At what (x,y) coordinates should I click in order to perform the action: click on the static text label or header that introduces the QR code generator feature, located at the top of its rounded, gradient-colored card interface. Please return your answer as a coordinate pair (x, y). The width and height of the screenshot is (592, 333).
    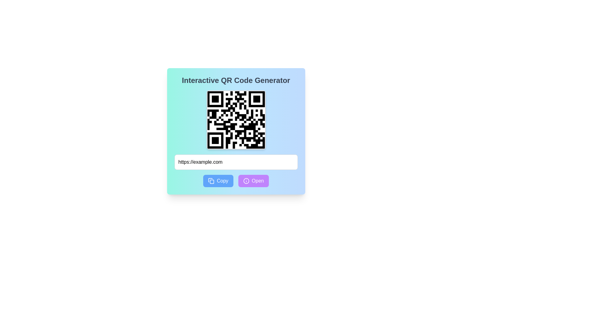
    Looking at the image, I should click on (236, 80).